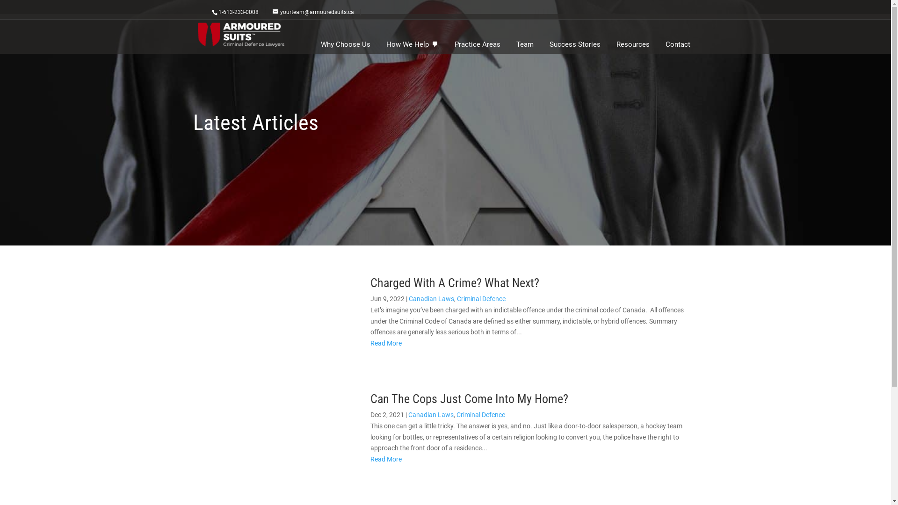  What do you see at coordinates (345, 44) in the screenshot?
I see `'Why Choose Us'` at bounding box center [345, 44].